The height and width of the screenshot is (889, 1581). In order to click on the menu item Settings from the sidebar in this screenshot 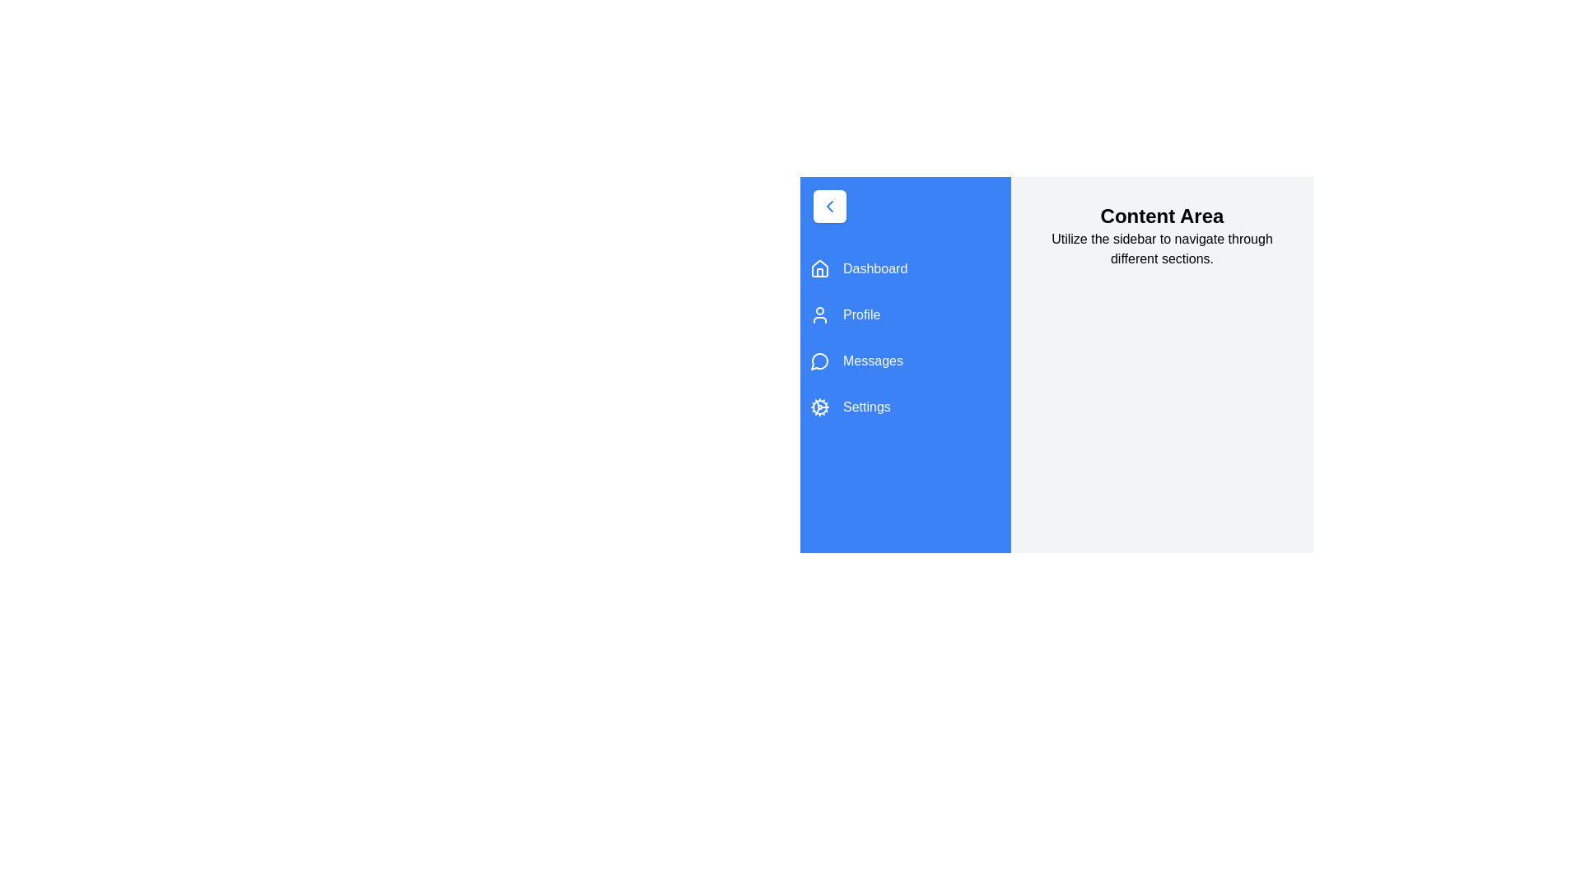, I will do `click(904, 407)`.